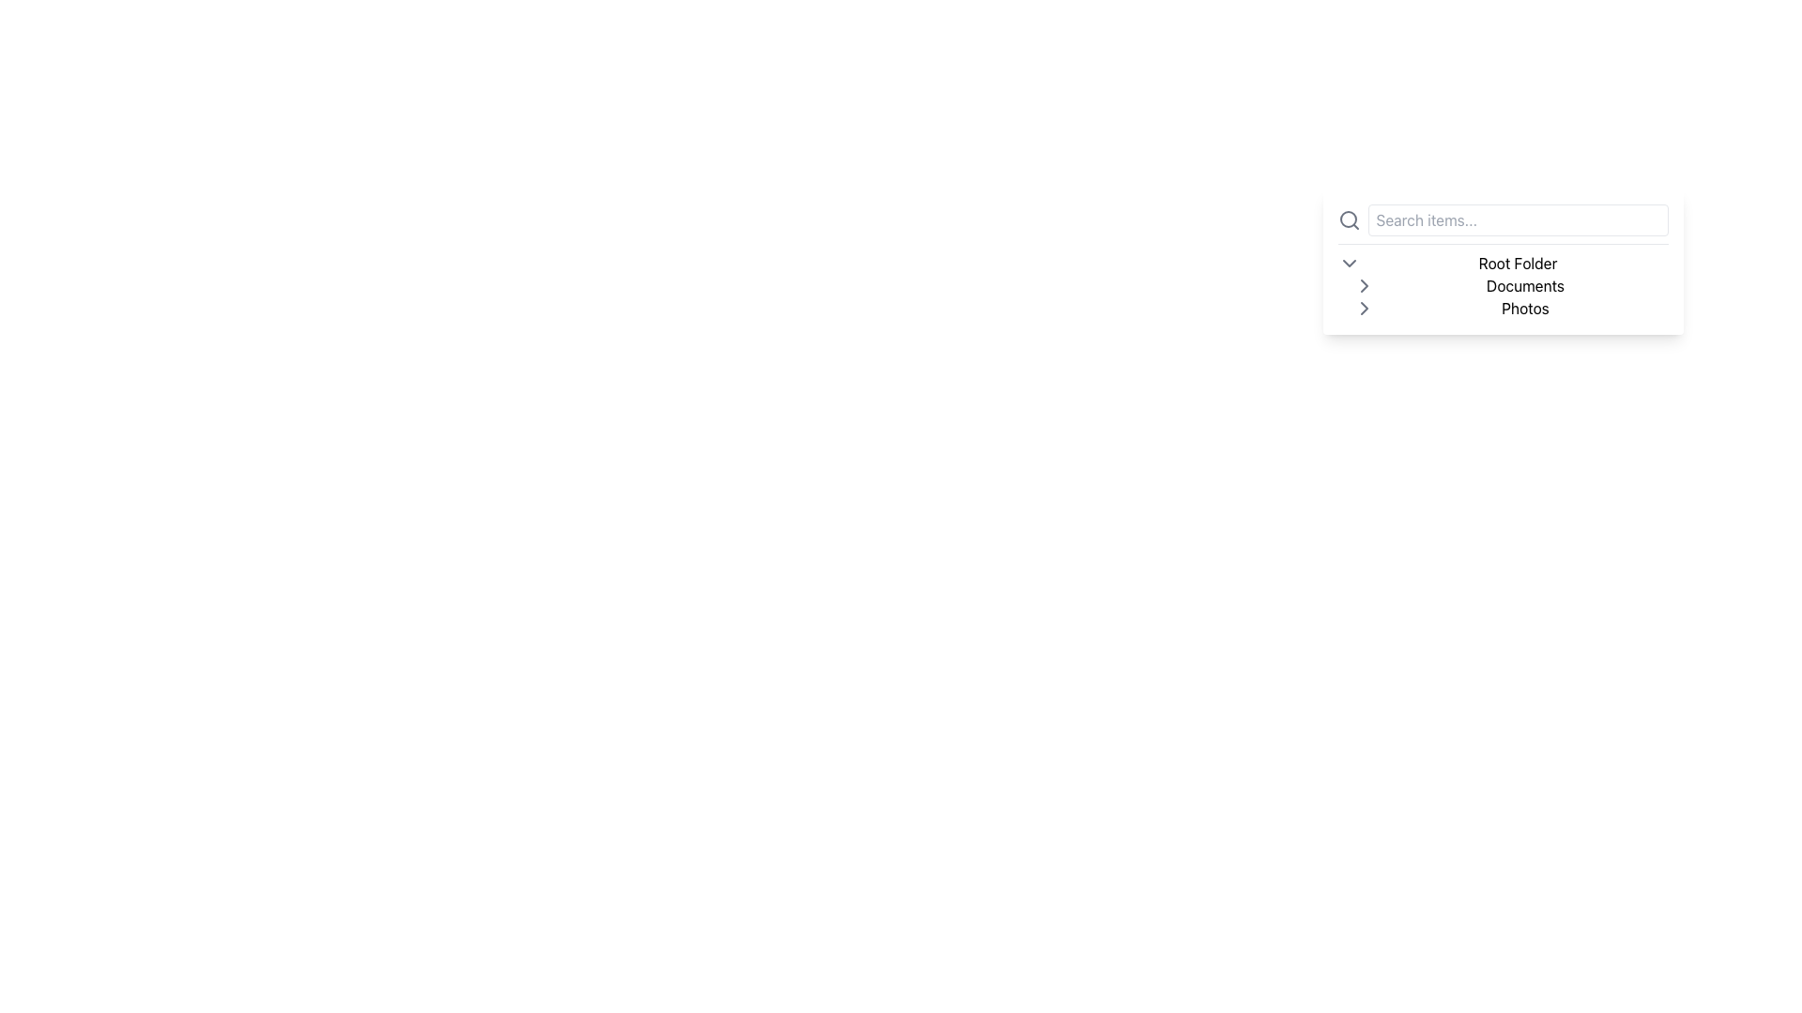 Image resolution: width=1802 pixels, height=1013 pixels. I want to click on the Breadcrumb navigation containing 'Root Folder', 'Documents', and 'Photos', so click(1503, 262).